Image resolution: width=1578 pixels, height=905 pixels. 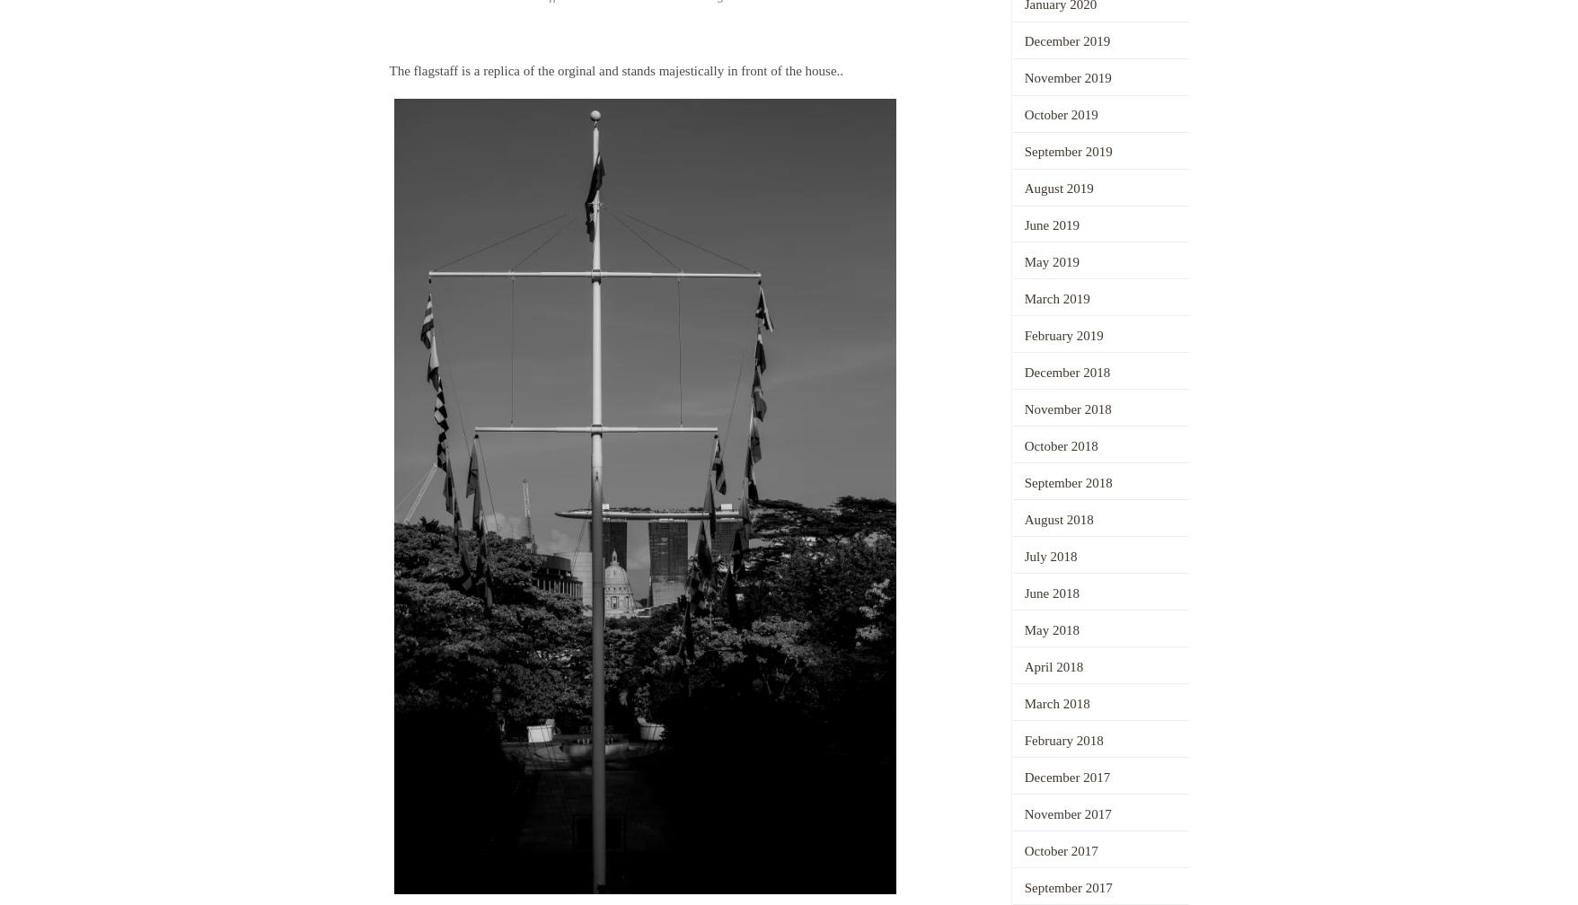 I want to click on 'September 2017', so click(x=1066, y=887).